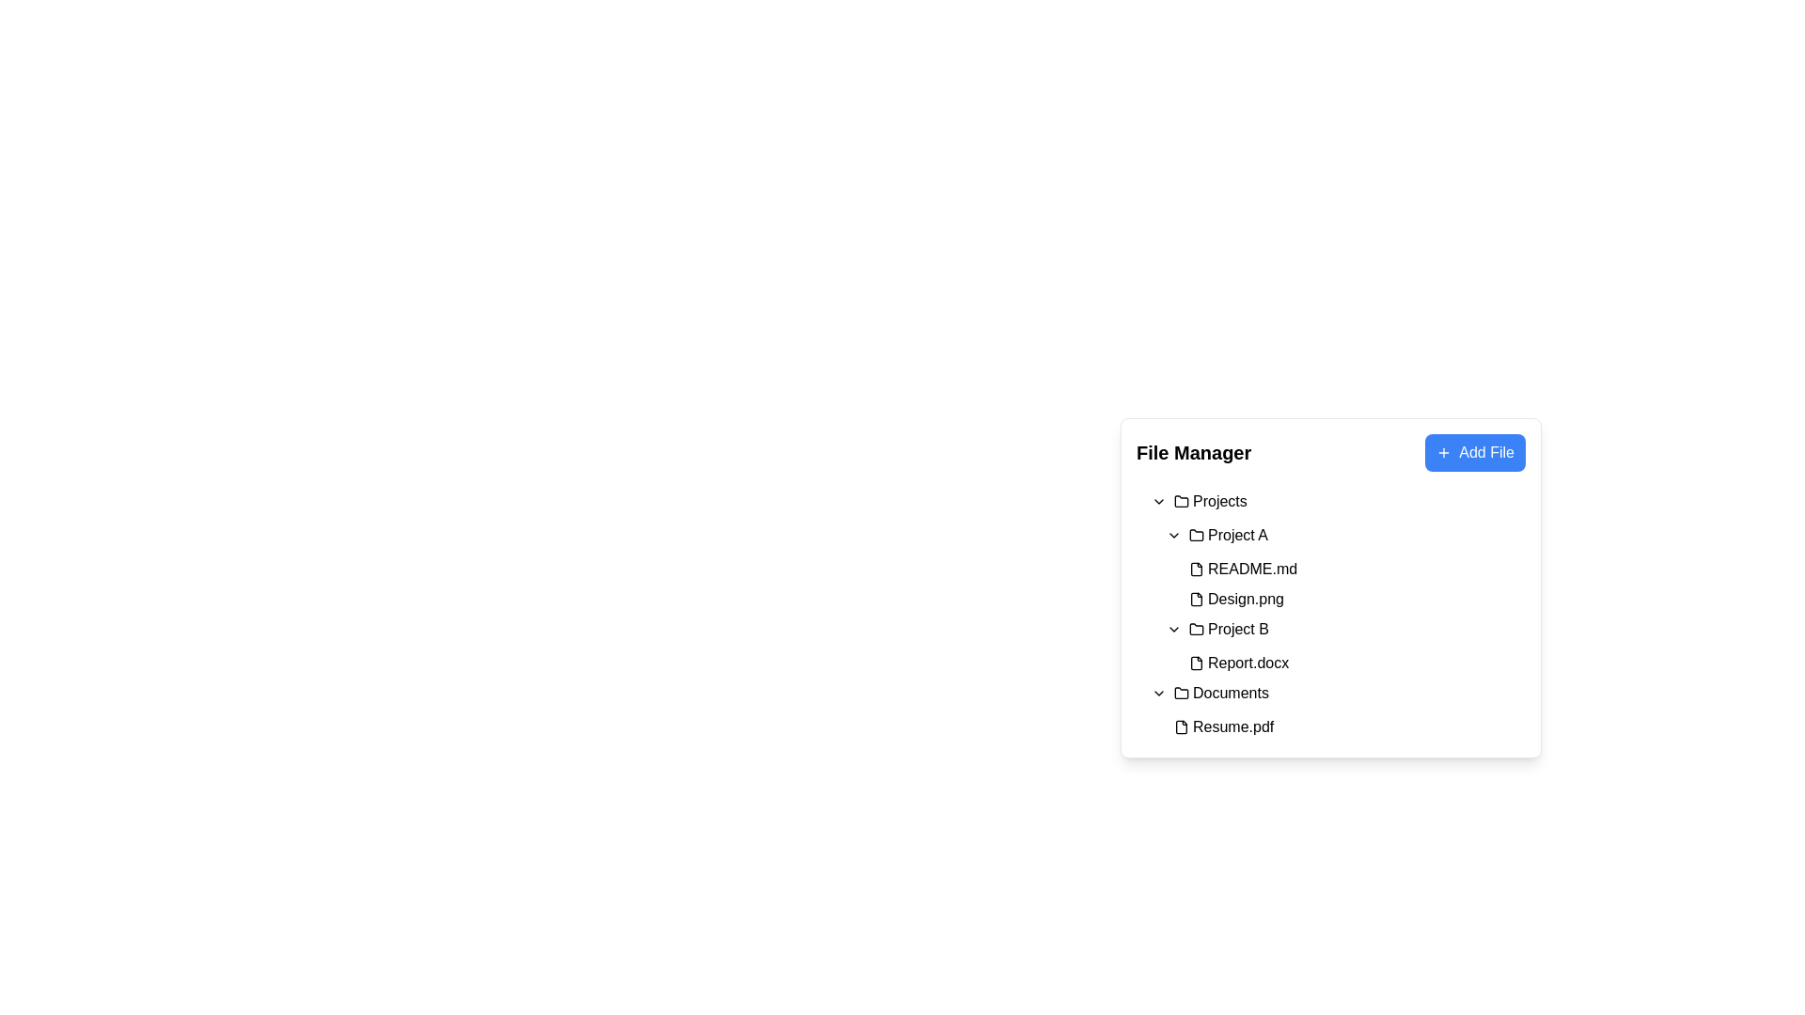  What do you see at coordinates (1193, 453) in the screenshot?
I see `text element displaying 'File Manager', which is a bold and large title aligned at the start of its section` at bounding box center [1193, 453].